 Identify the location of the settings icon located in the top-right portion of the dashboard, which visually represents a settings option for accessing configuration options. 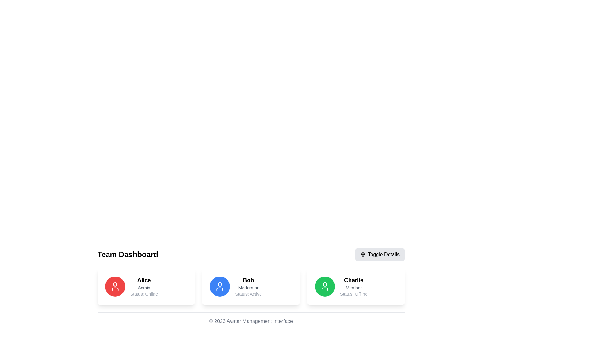
(363, 254).